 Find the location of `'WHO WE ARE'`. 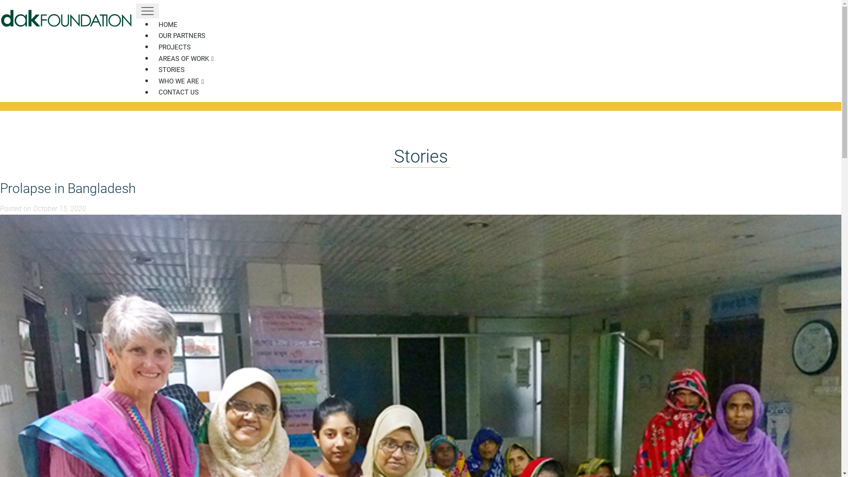

'WHO WE ARE' is located at coordinates (181, 81).